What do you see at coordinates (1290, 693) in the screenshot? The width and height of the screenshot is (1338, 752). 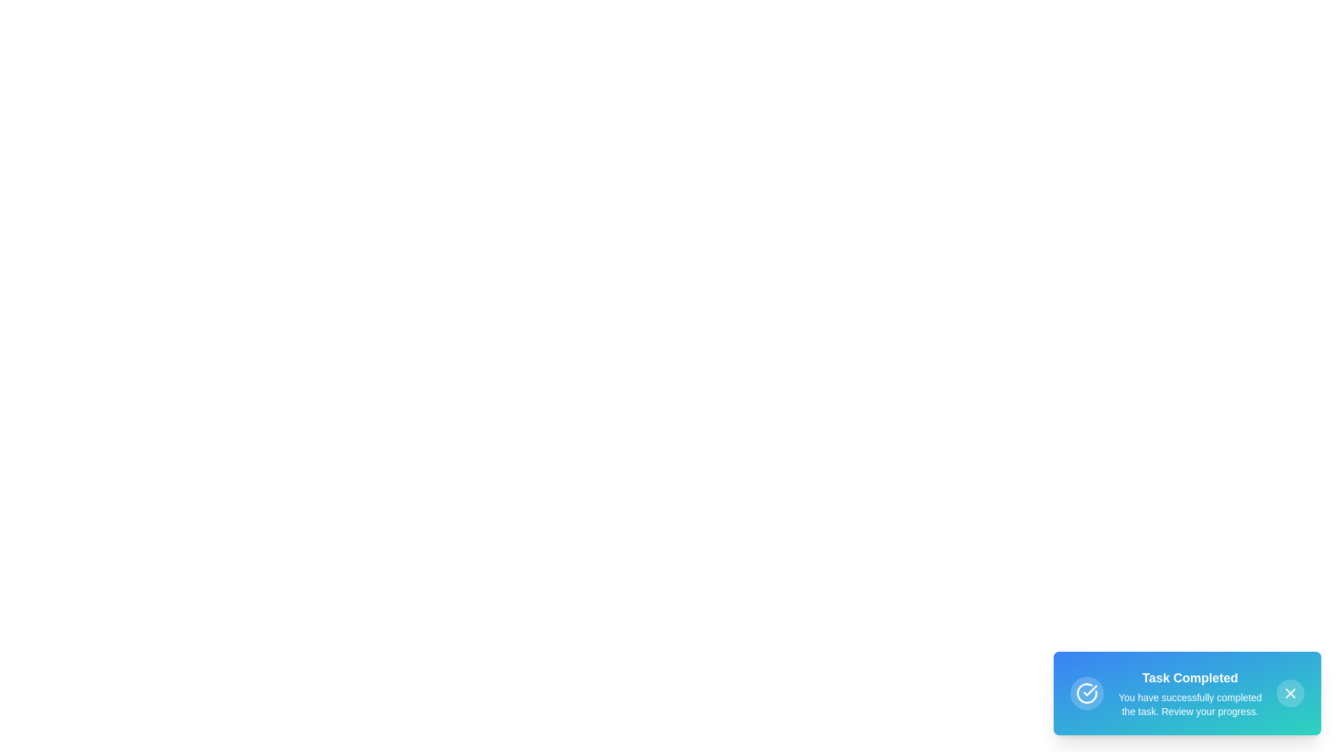 I see `the close button located in the lower right corner of the notification card to observe the hover effect` at bounding box center [1290, 693].